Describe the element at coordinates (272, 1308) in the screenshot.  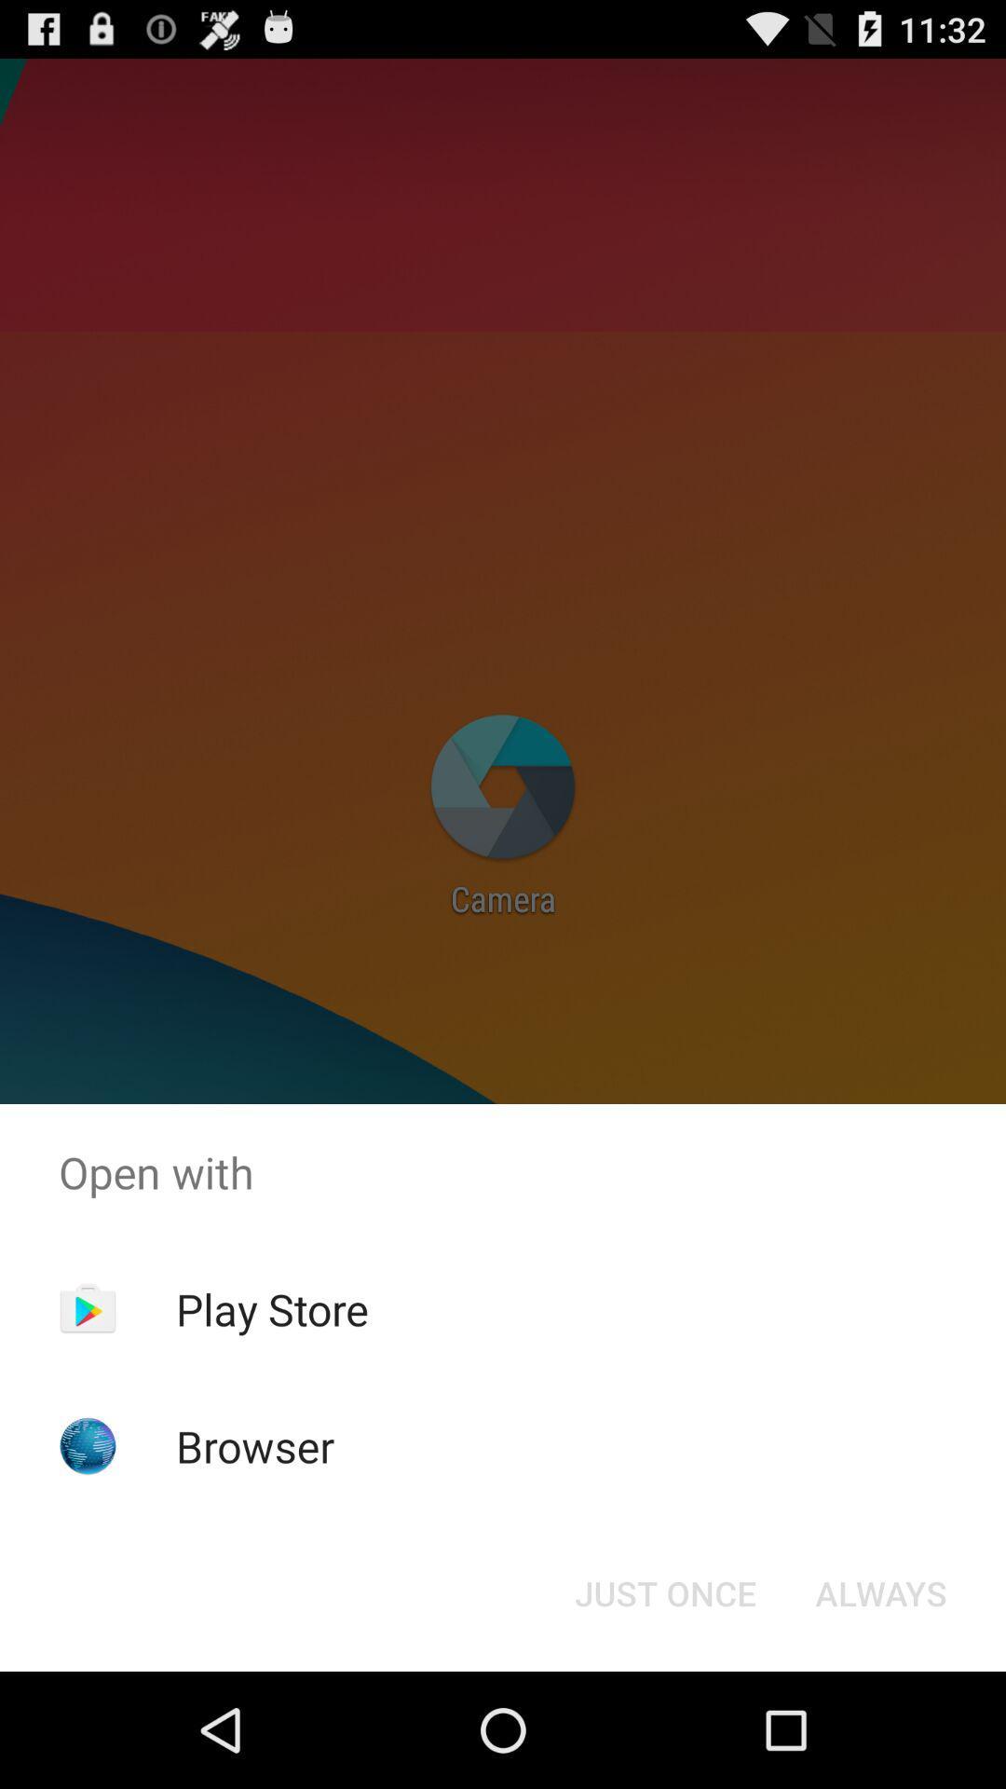
I see `the play store app` at that location.